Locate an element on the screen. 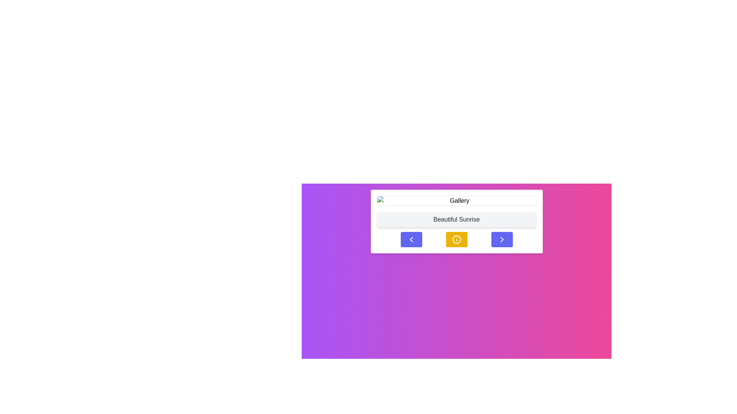  the yellow button with white text and an 'info' icon located at the center of the bottom button group in the card-like UI component to highlight it is located at coordinates (456, 239).